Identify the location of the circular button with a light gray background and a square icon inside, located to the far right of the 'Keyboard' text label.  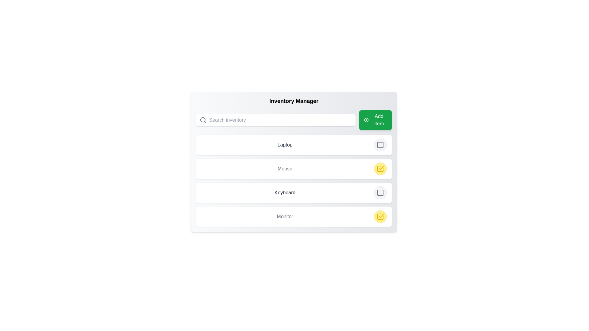
(380, 192).